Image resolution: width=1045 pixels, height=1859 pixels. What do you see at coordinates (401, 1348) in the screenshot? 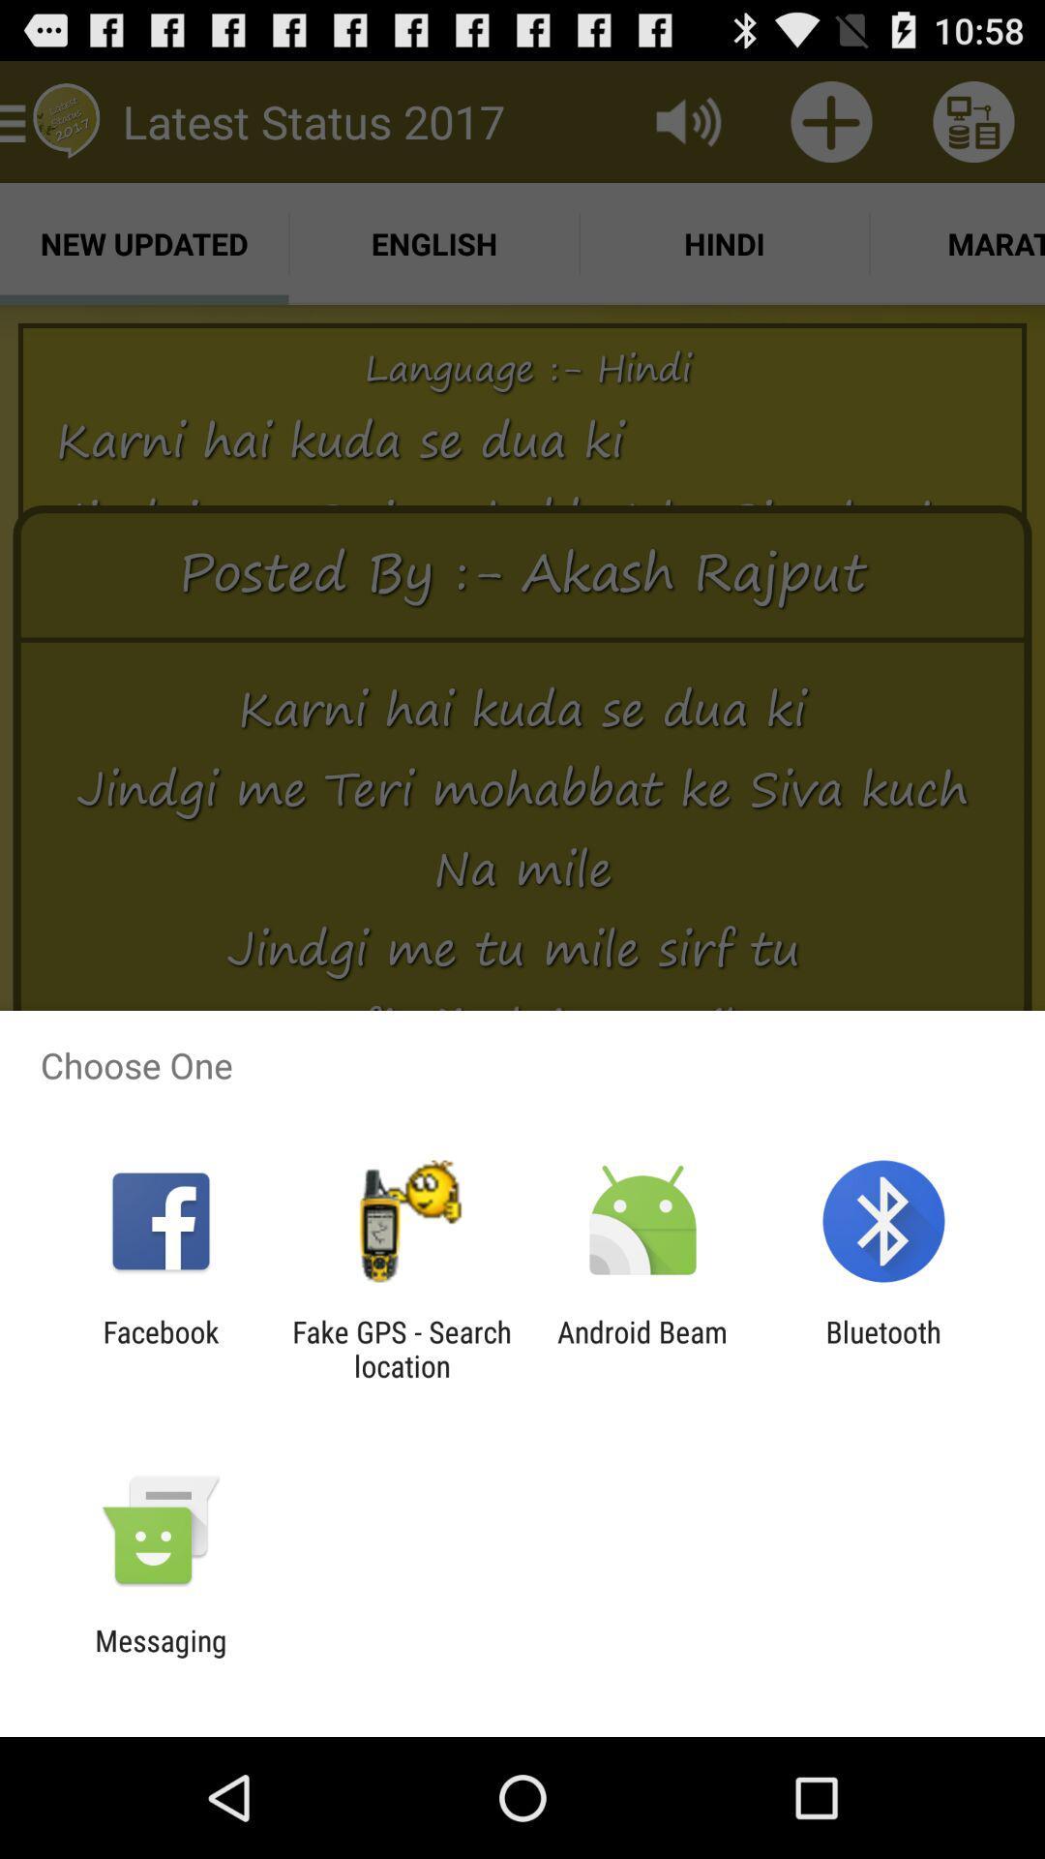
I see `app to the left of android beam` at bounding box center [401, 1348].